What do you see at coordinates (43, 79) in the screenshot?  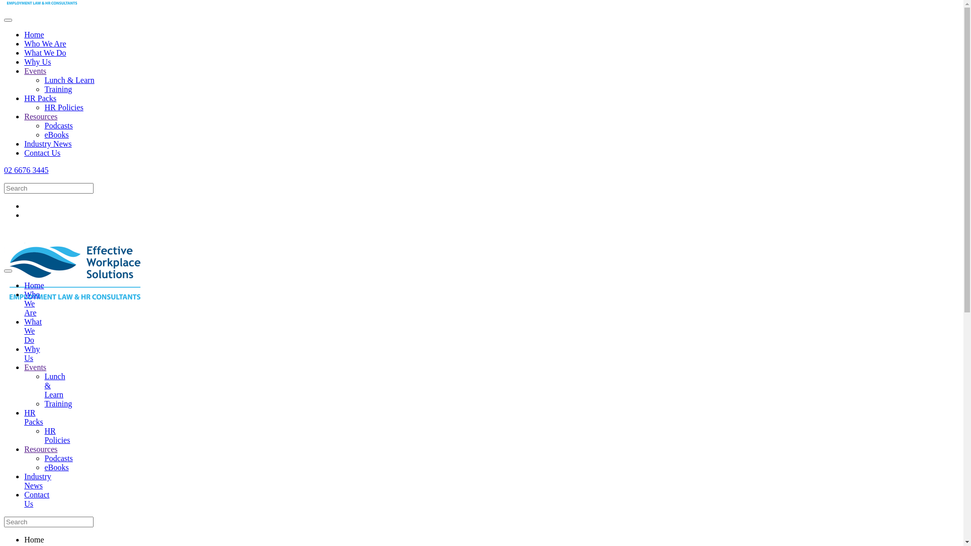 I see `'Lunch & Learn'` at bounding box center [43, 79].